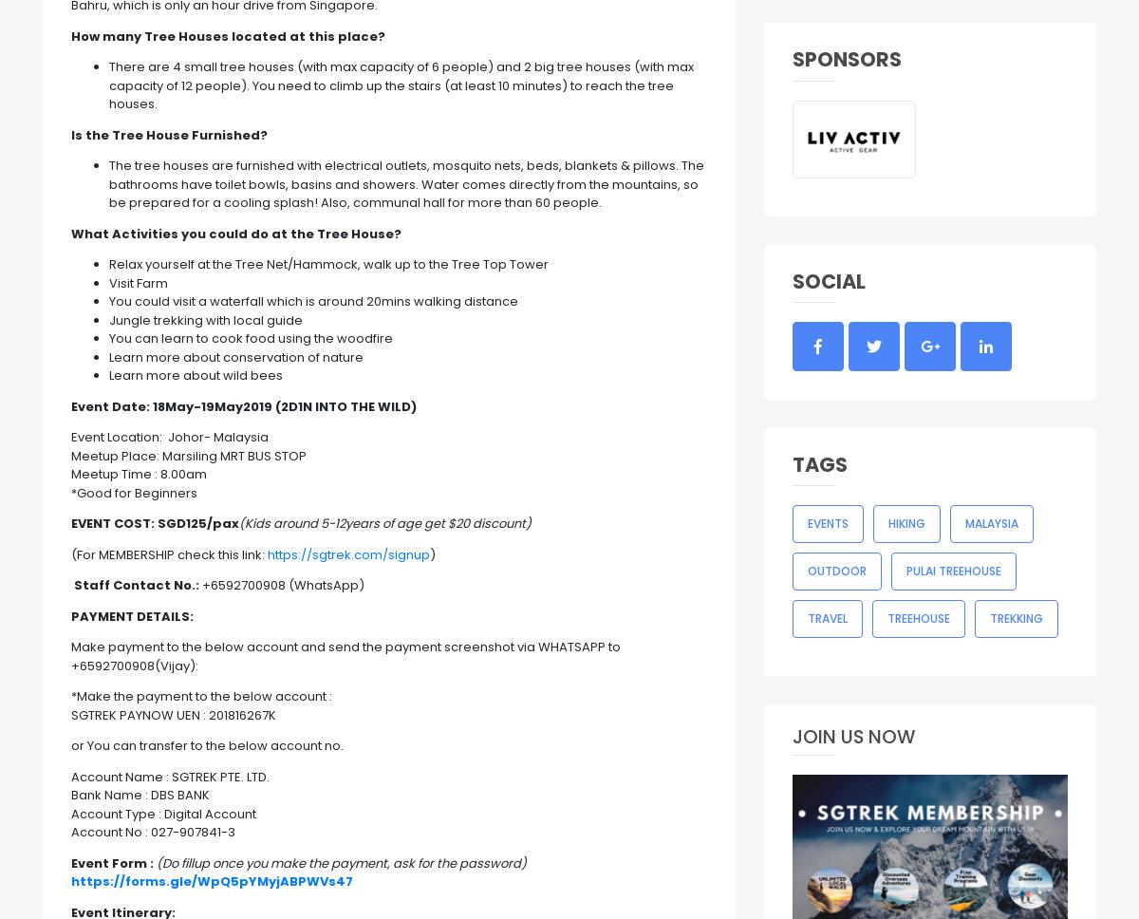 Image resolution: width=1139 pixels, height=919 pixels. Describe the element at coordinates (71, 862) in the screenshot. I see `'Event Form :'` at that location.